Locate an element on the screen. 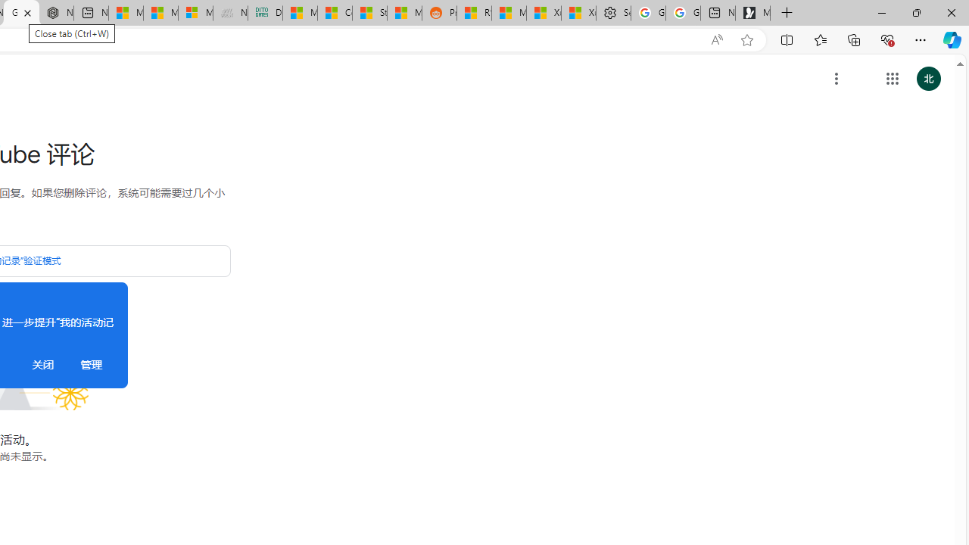 This screenshot has height=545, width=969. 'Class: gb_E' is located at coordinates (892, 79).